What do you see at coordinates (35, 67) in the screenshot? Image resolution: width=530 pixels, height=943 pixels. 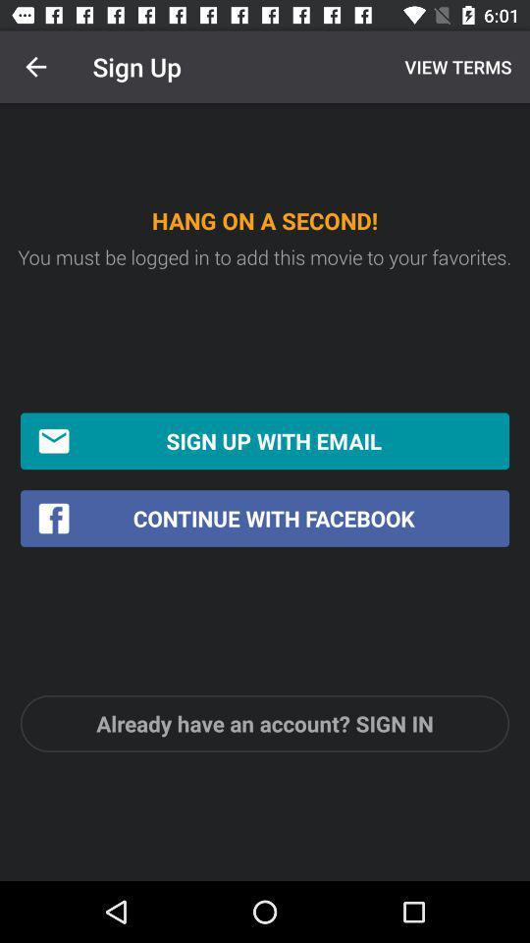 I see `the icon next to sign up icon` at bounding box center [35, 67].